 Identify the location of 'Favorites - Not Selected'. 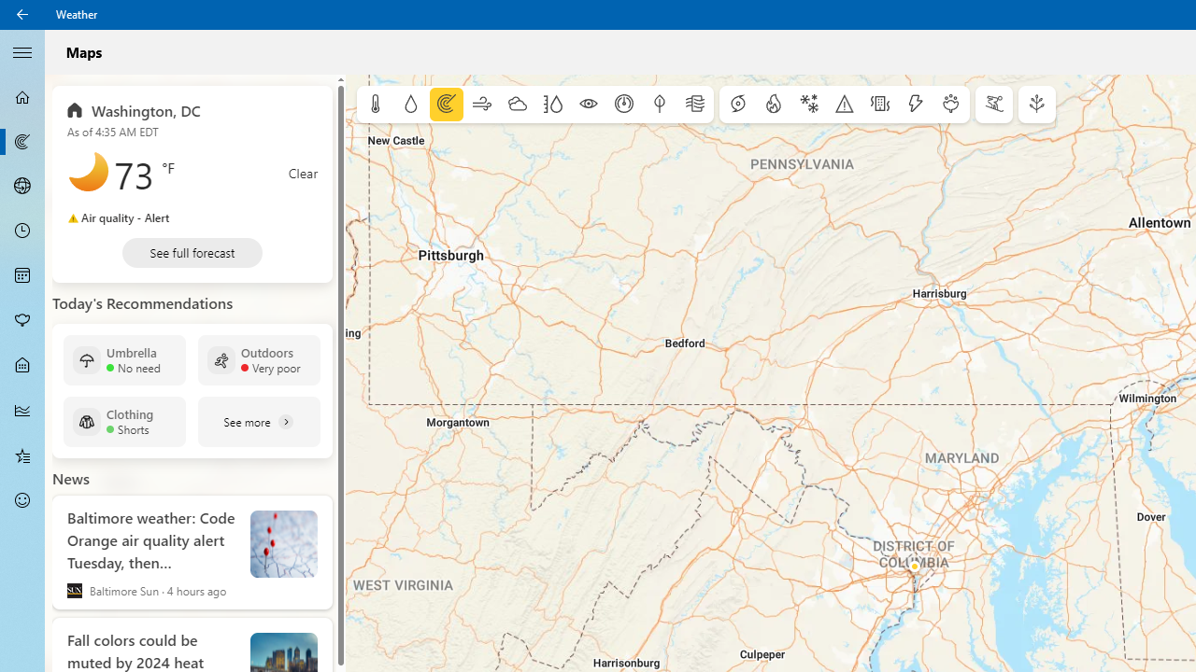
(22, 455).